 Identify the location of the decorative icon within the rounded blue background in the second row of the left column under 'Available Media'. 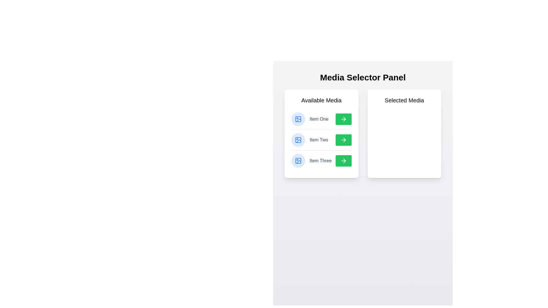
(298, 140).